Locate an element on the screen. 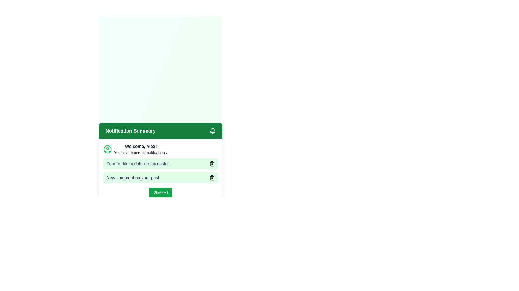 This screenshot has width=519, height=291. the text label displaying 'Your profile update is successful.' which is located in a green-tinted box below the 'Welcome, Alex!' section in the notification area is located at coordinates (138, 164).